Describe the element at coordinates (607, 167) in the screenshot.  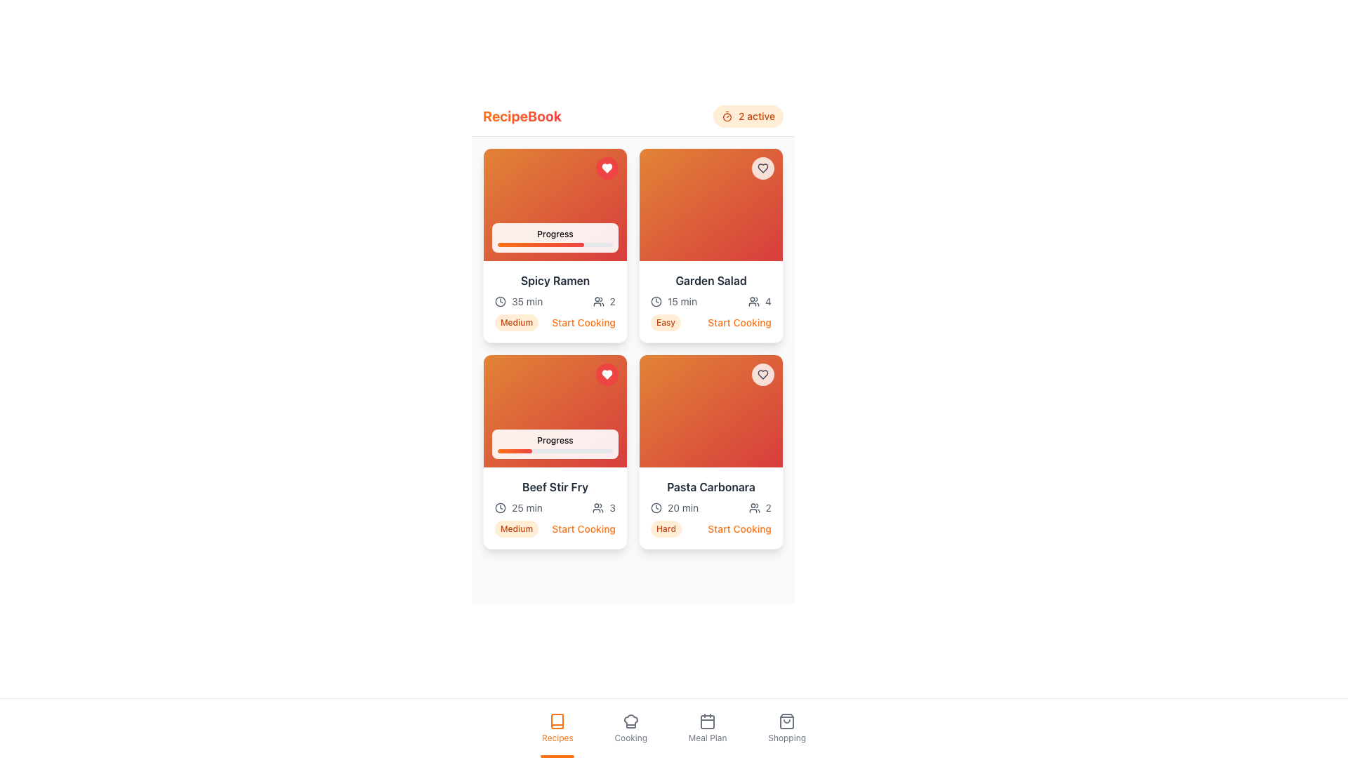
I see `the circular red button with a white heart icon located at the top-right corner of the 'Spicy Ramen' recipe card` at that location.